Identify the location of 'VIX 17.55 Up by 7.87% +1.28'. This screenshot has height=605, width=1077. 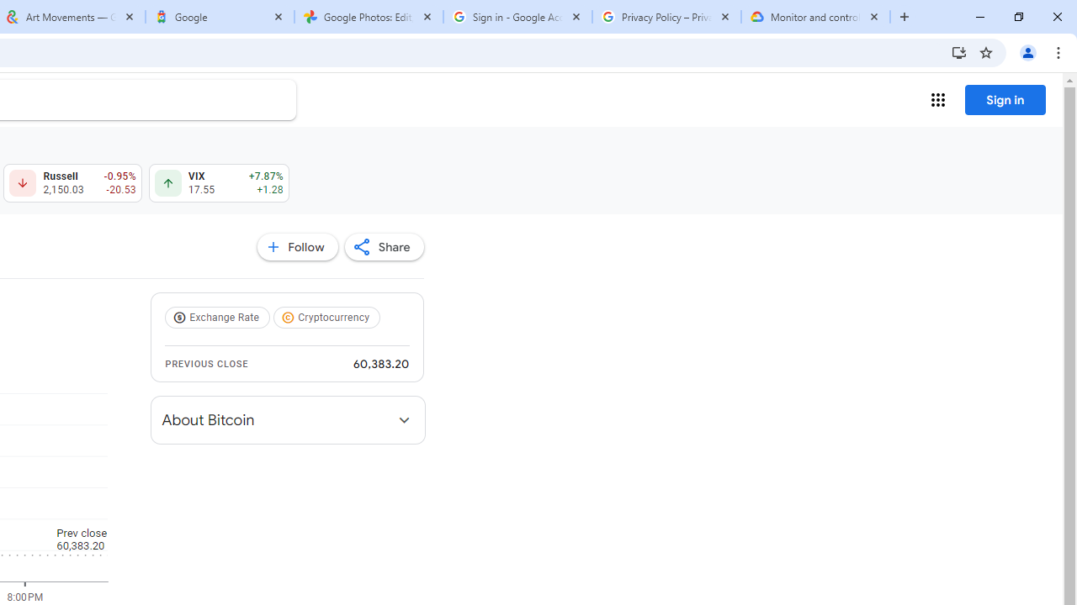
(218, 183).